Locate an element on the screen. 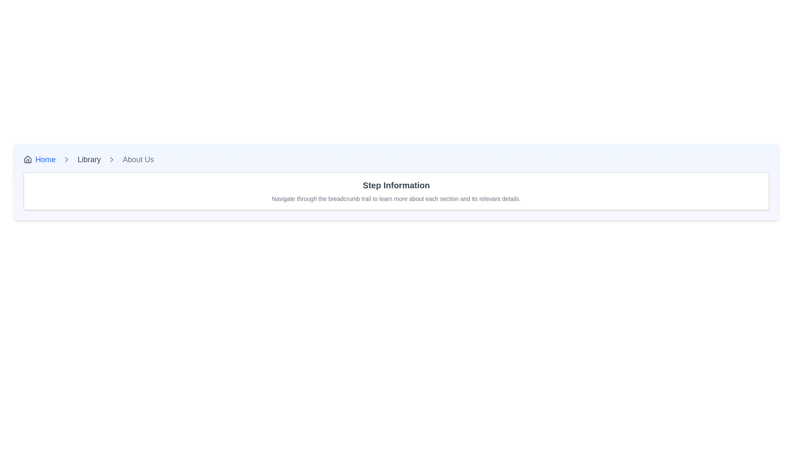 This screenshot has width=810, height=455. the 'Home' hyperlink text is located at coordinates (45, 159).